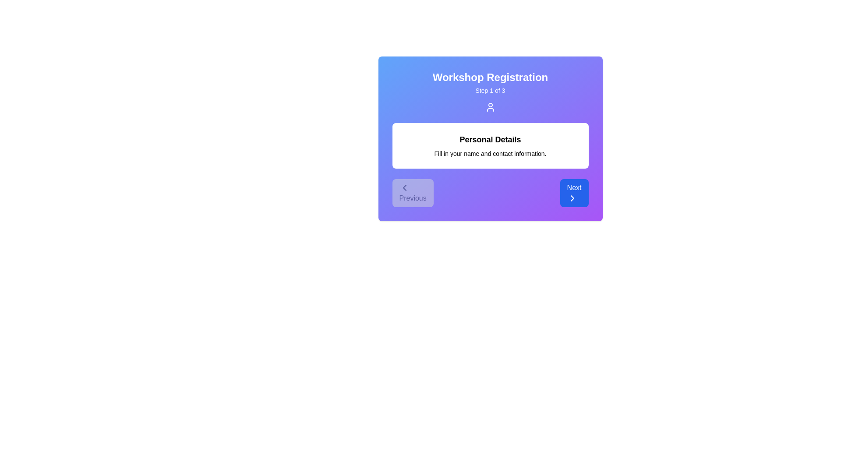  I want to click on the left-pointing chevron icon located inside the 'Previous' button at the bottom left of the registration form interface, so click(404, 187).